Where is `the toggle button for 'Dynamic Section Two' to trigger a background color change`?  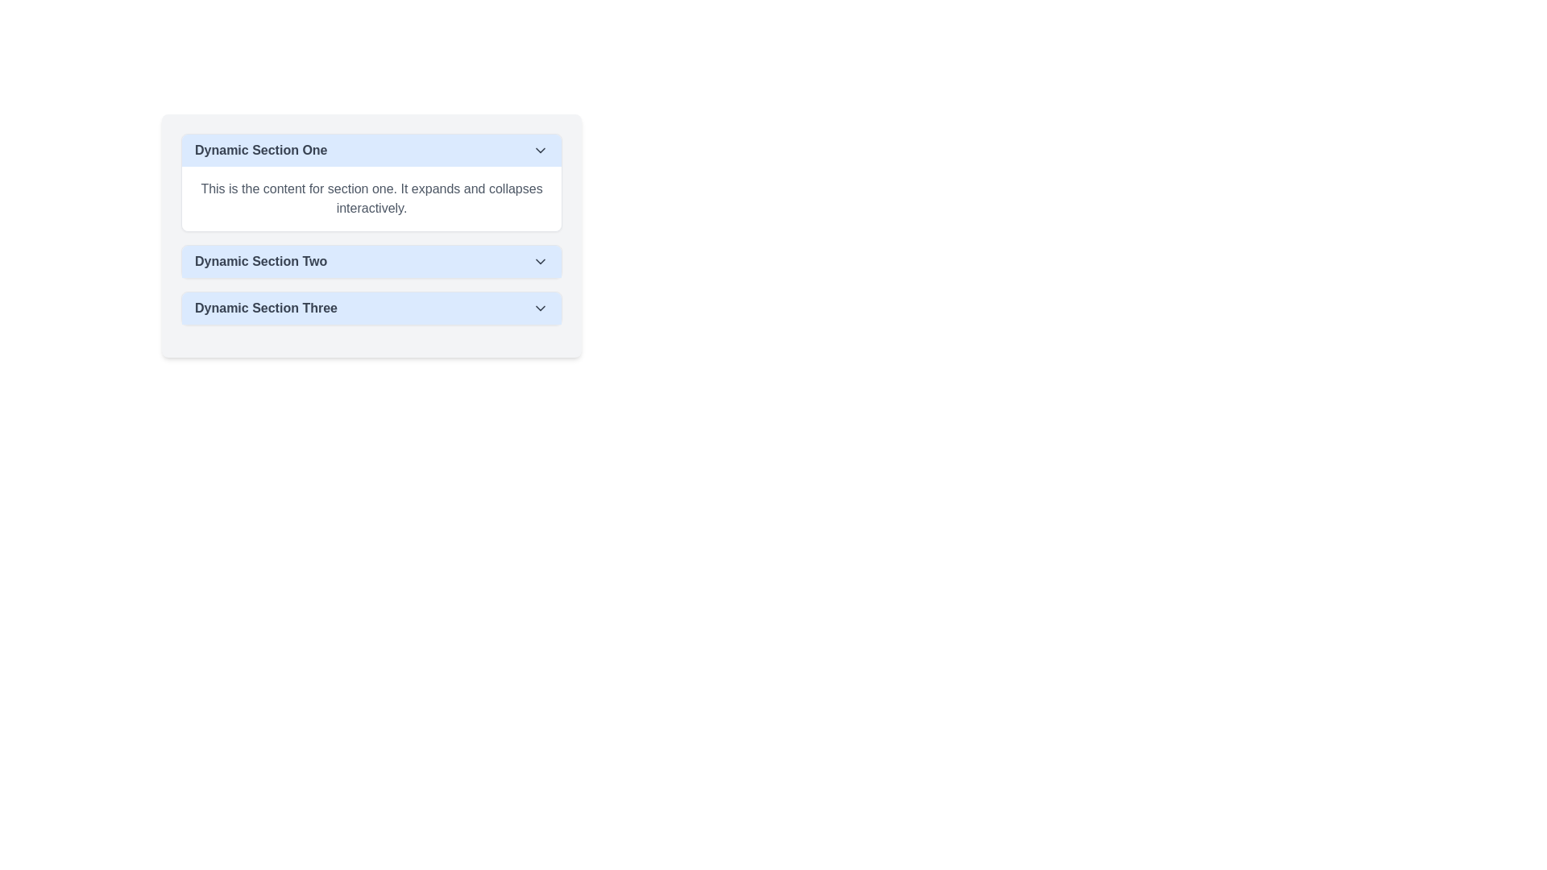 the toggle button for 'Dynamic Section Two' to trigger a background color change is located at coordinates (371, 260).